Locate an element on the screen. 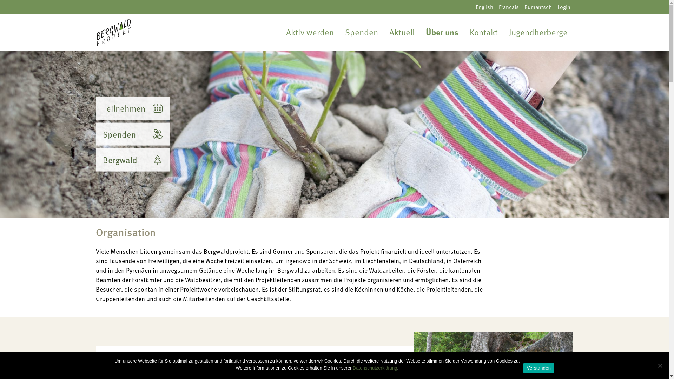  'Spenden' is located at coordinates (132, 134).